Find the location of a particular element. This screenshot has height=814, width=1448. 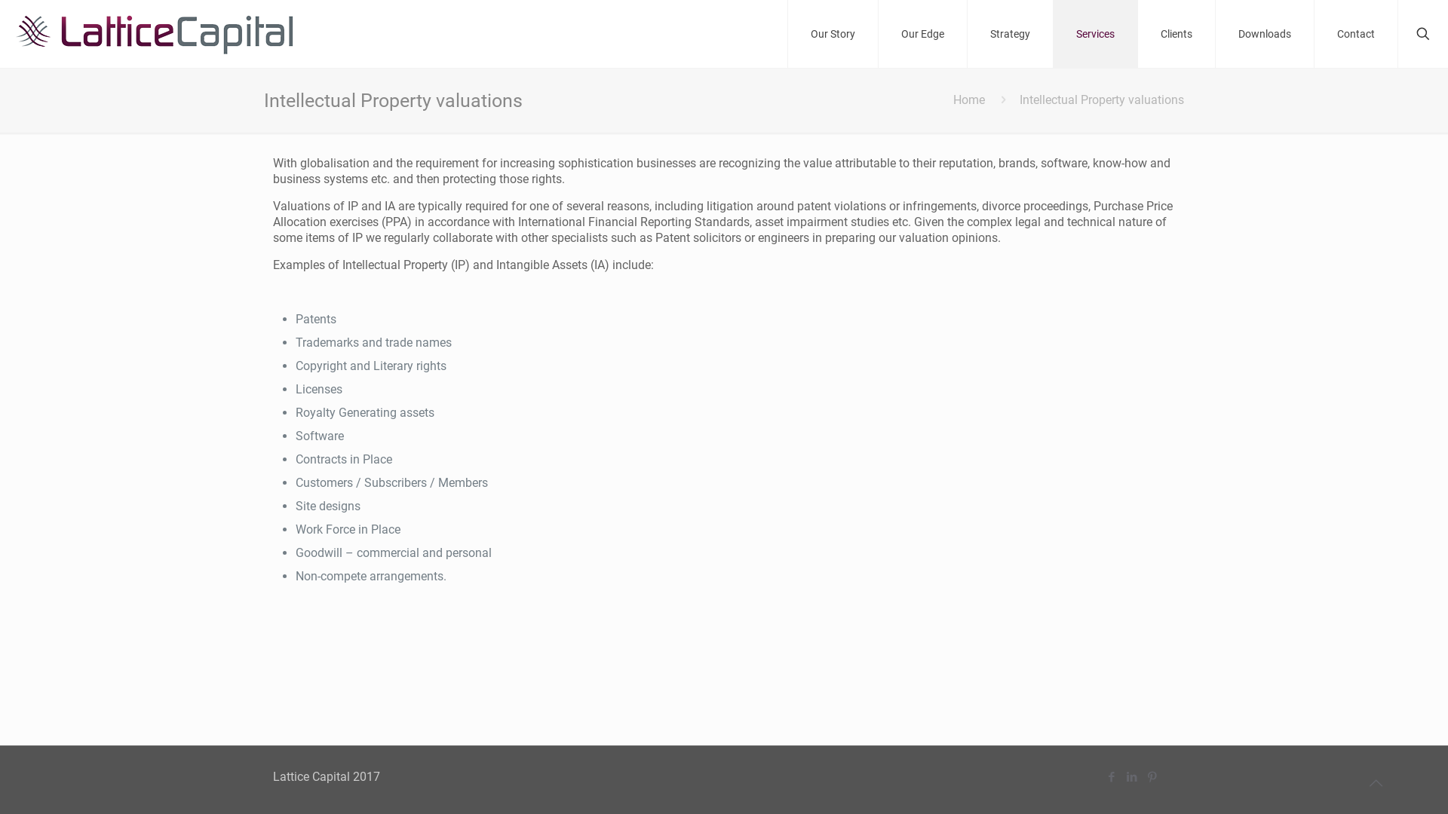

'Services' is located at coordinates (1096, 34).